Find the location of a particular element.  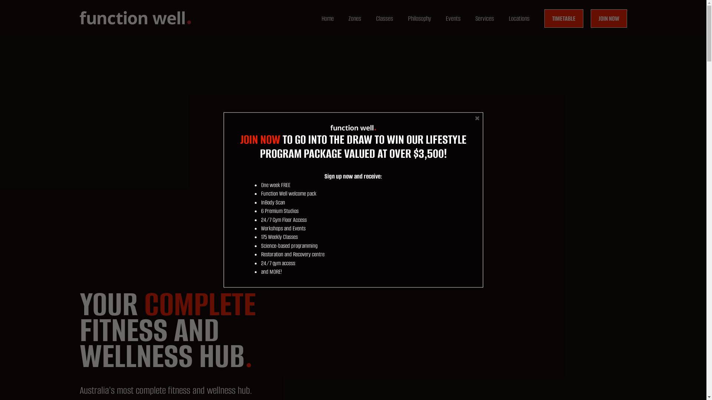

'Services' is located at coordinates (484, 18).